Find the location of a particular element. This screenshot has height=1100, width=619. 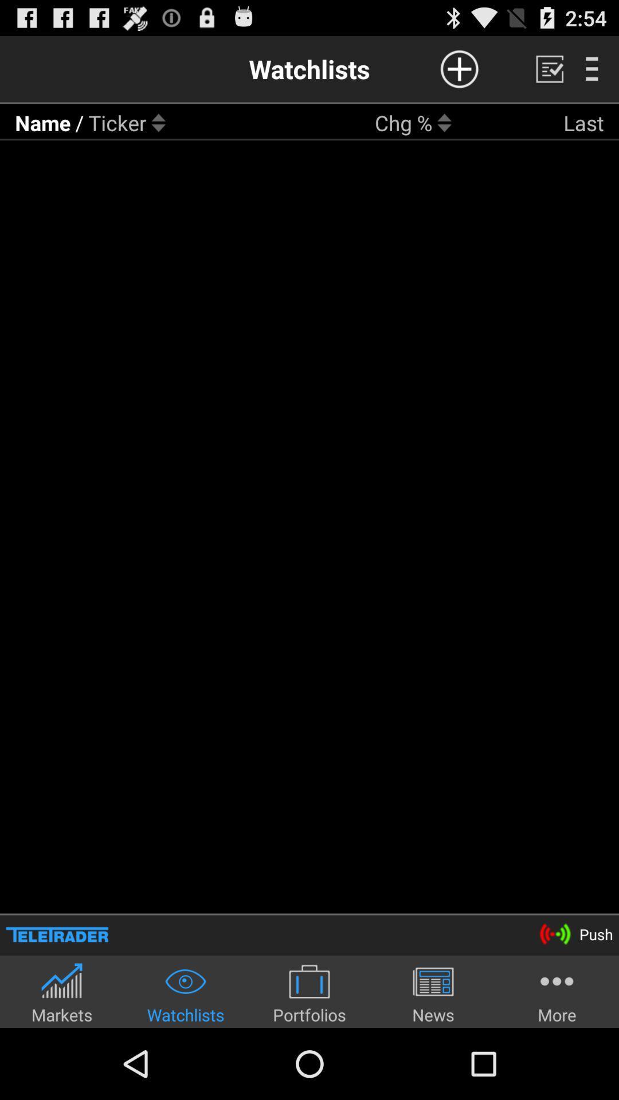

markets item is located at coordinates (62, 992).